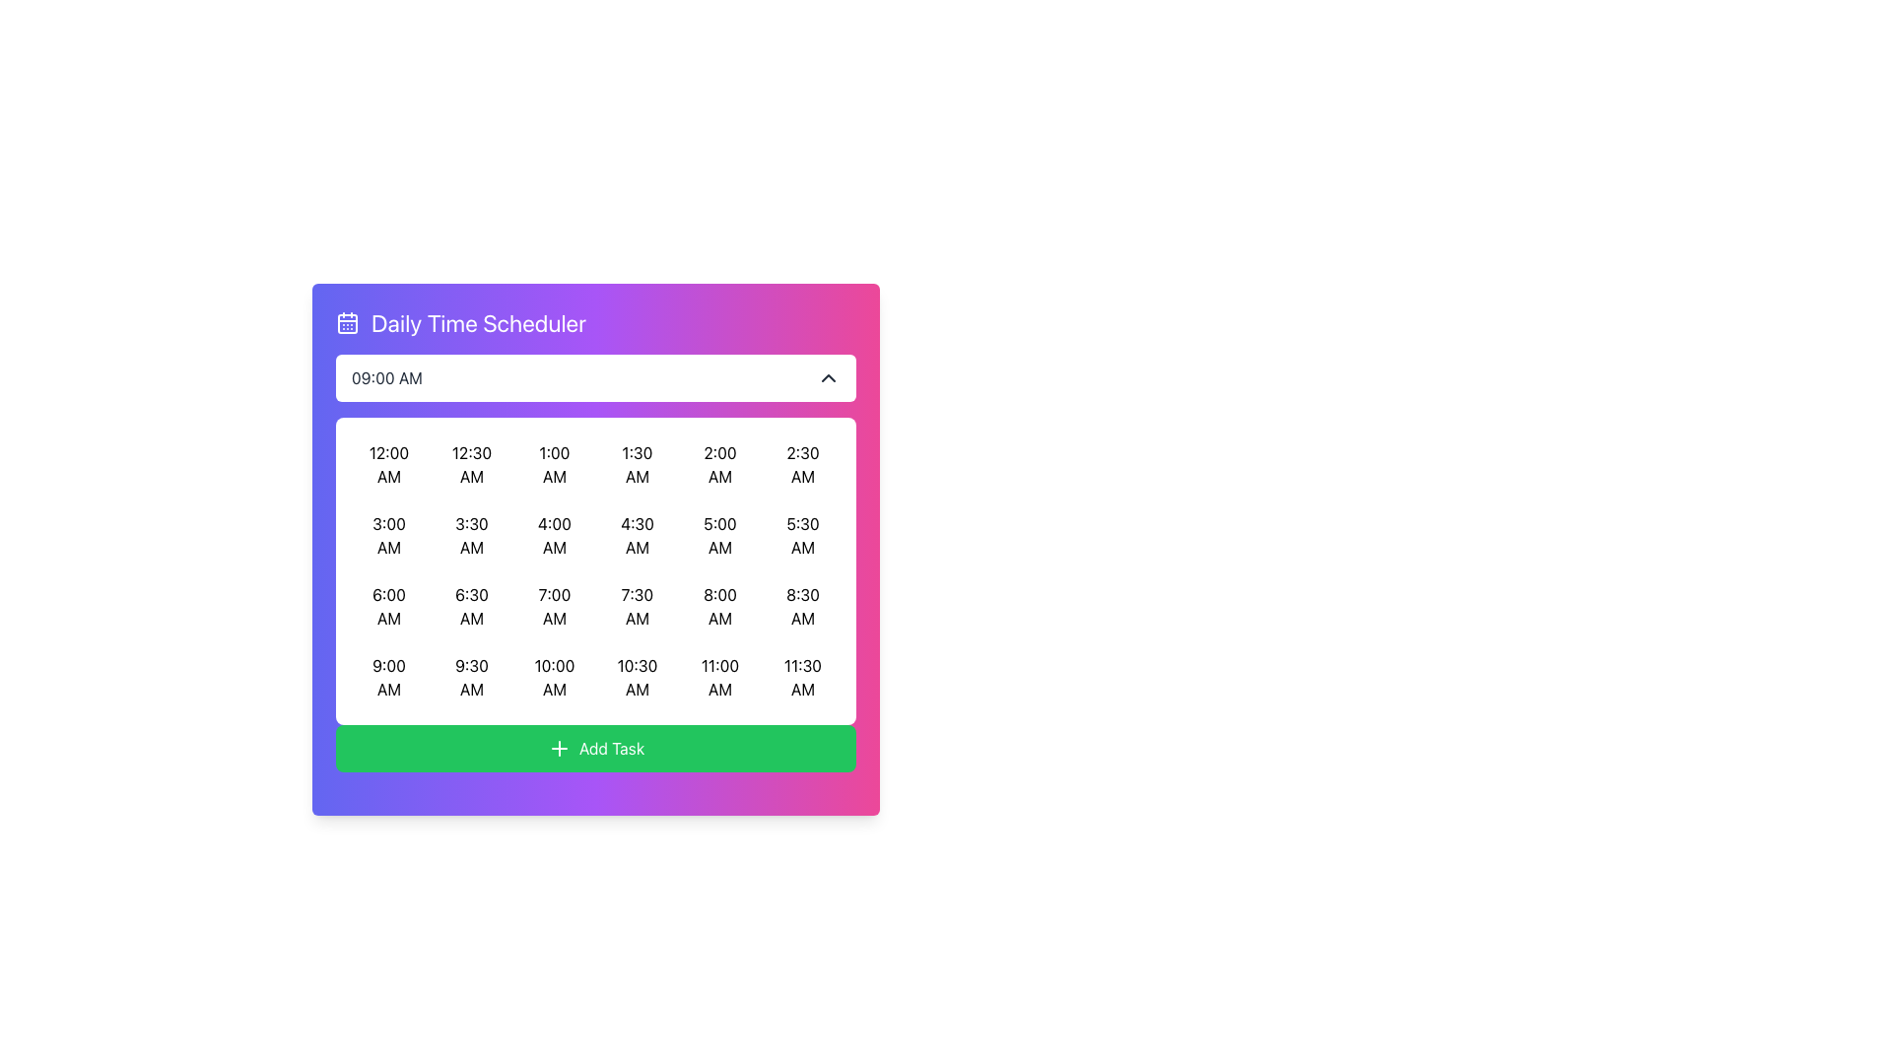 The height and width of the screenshot is (1064, 1892). I want to click on the button displaying '8:00 AM', so click(718, 606).